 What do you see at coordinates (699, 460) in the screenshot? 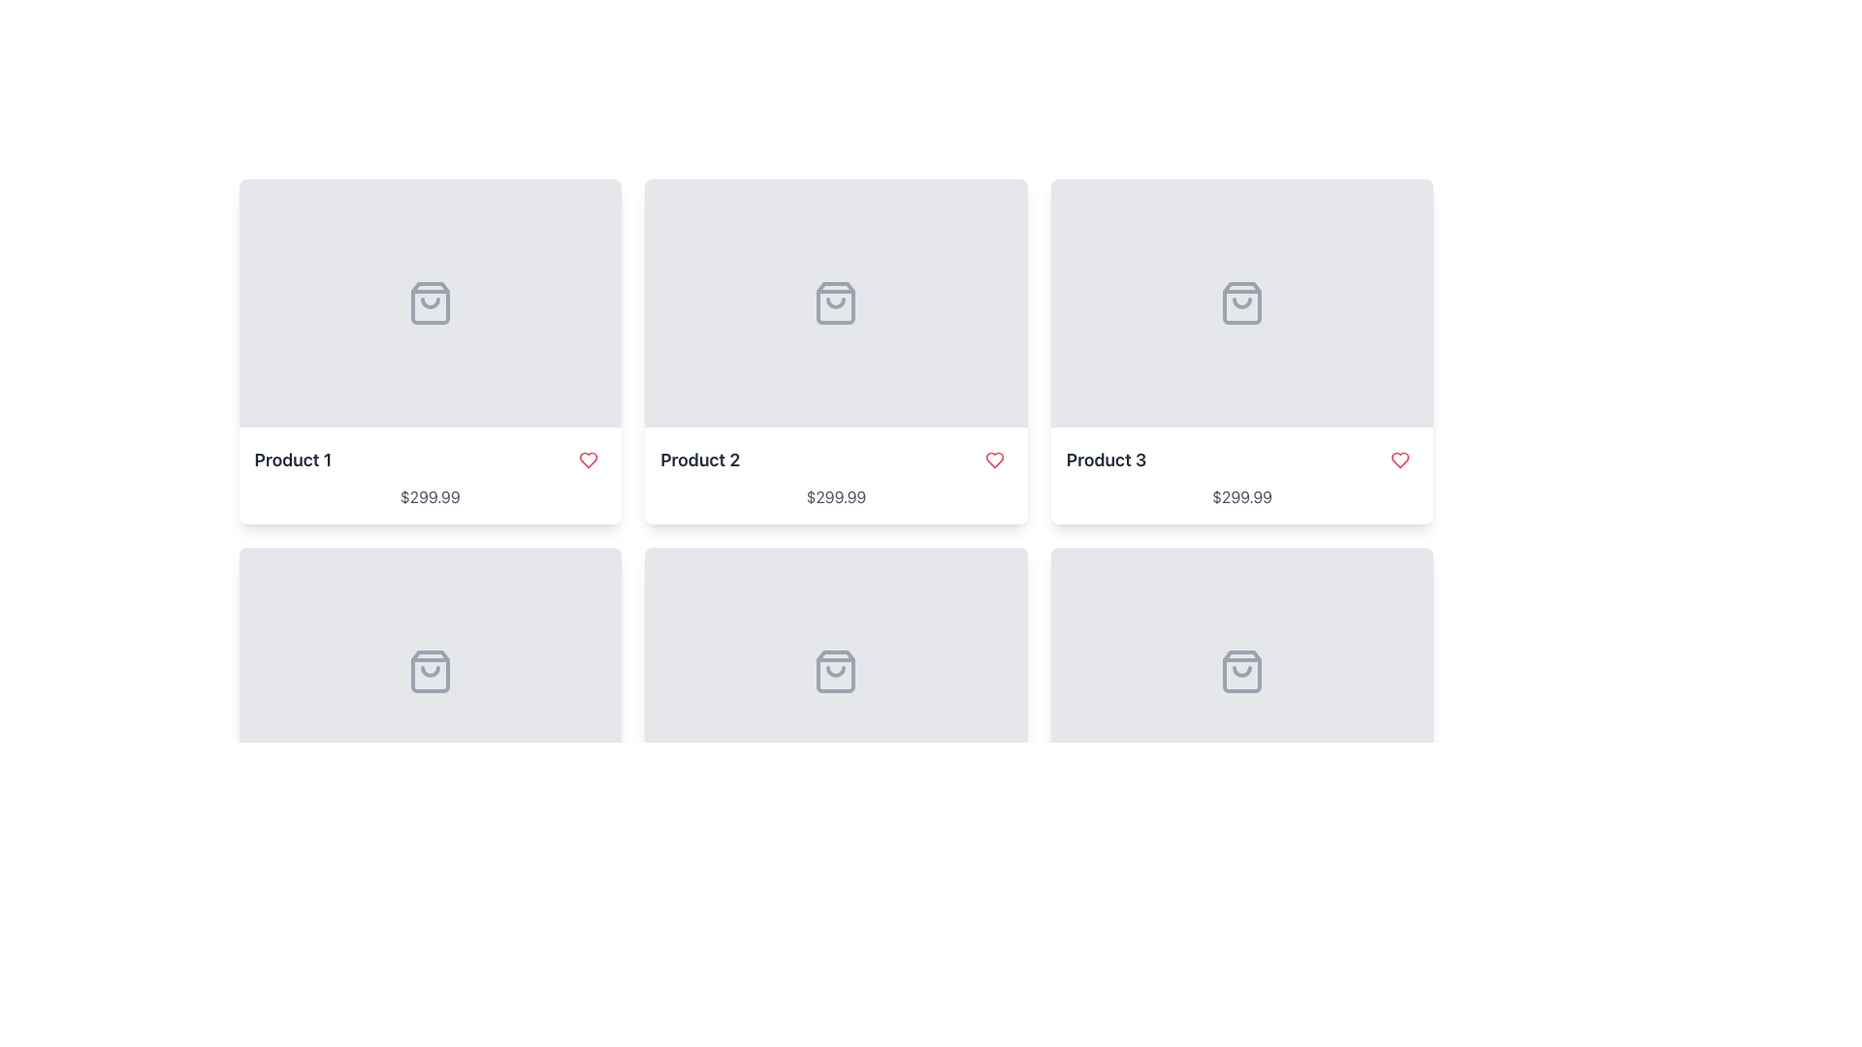
I see `the 'Product 2' text label, which is prominently displayed in bold black font, located under the image of the second product in the top row of the grid layout` at bounding box center [699, 460].